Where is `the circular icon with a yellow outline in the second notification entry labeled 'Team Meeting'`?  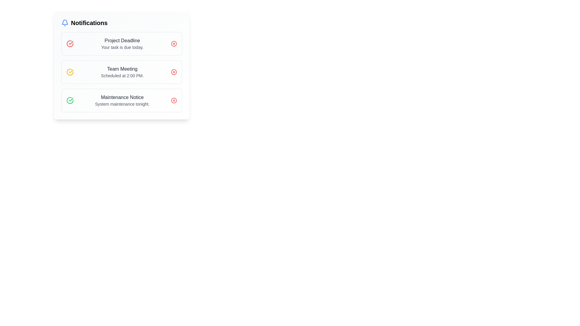 the circular icon with a yellow outline in the second notification entry labeled 'Team Meeting' is located at coordinates (70, 72).